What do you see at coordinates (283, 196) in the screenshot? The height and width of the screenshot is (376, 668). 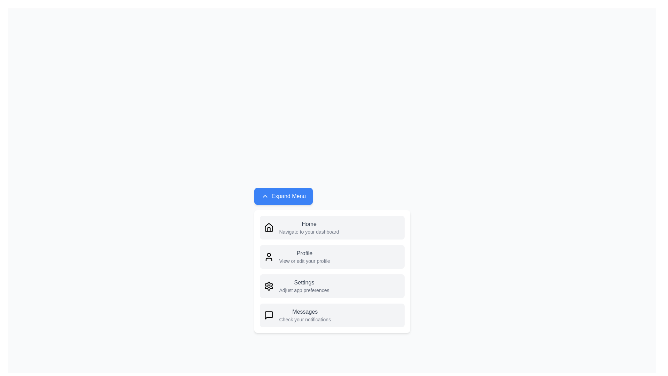 I see `'Expand Menu' button to toggle the menu state` at bounding box center [283, 196].